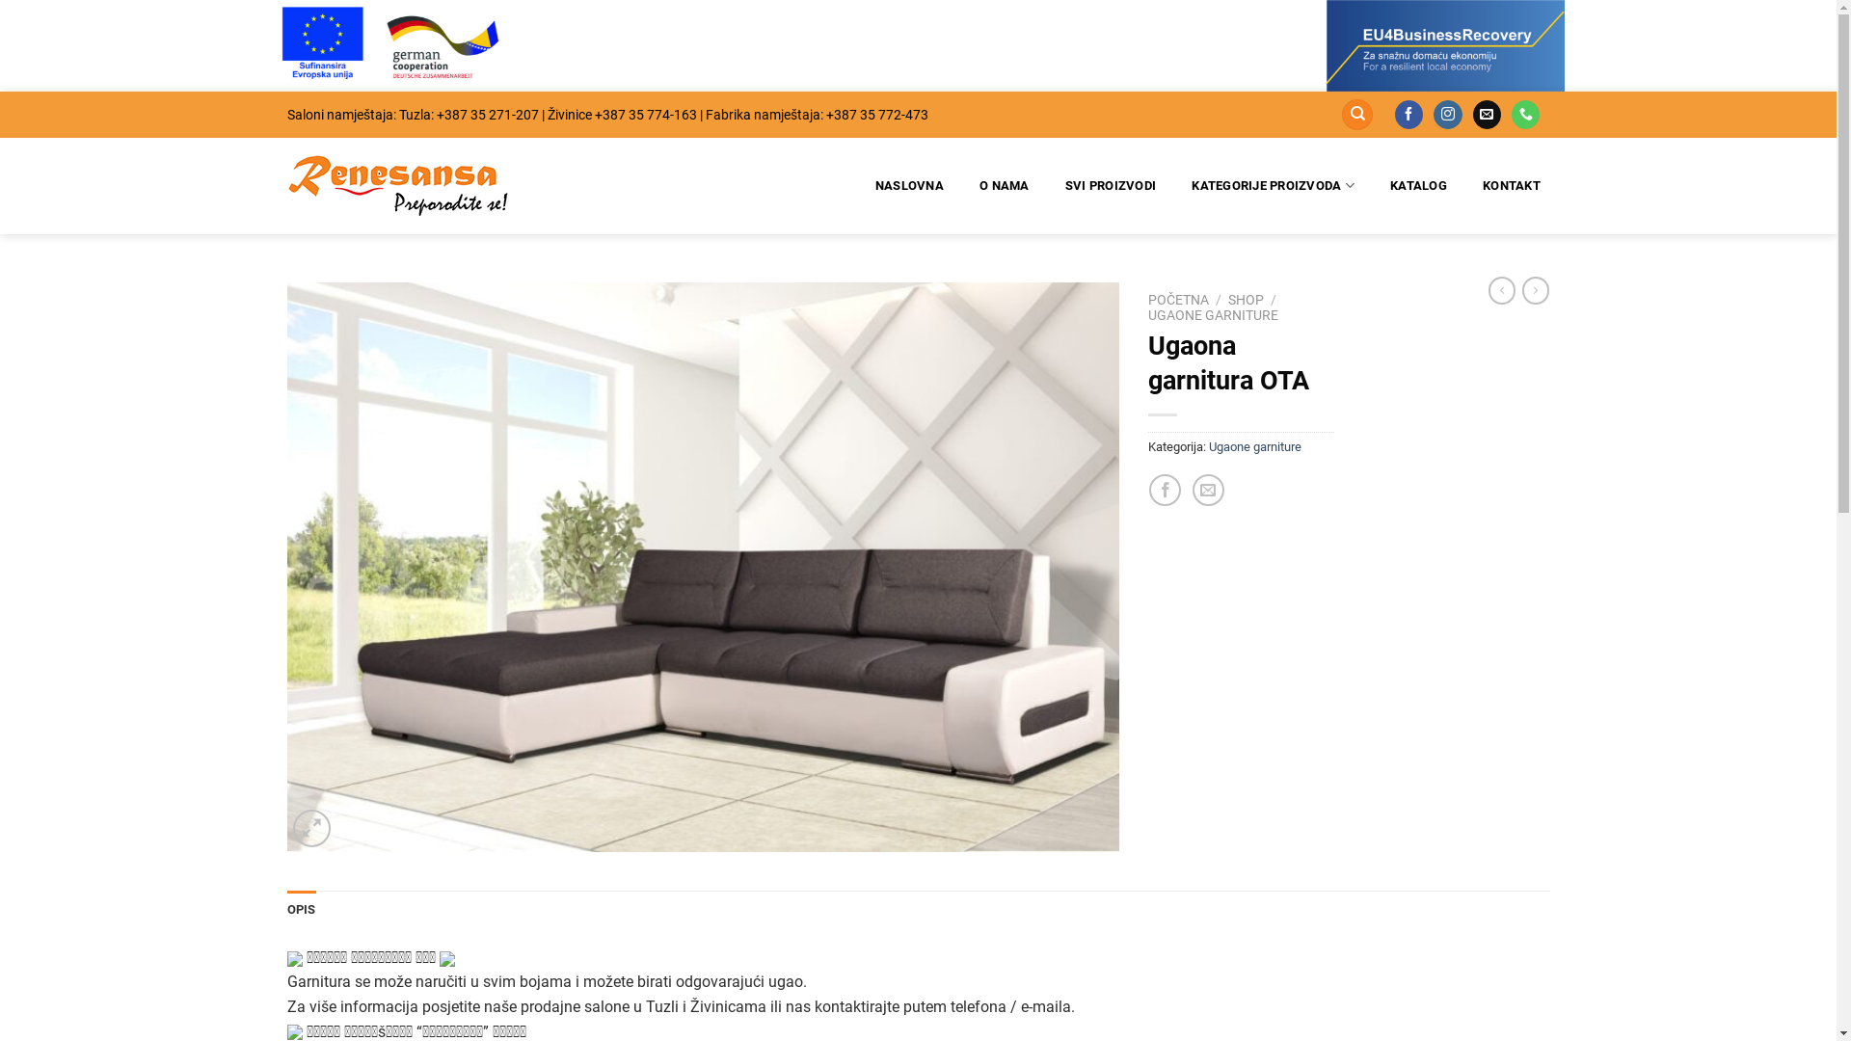 The height and width of the screenshot is (1041, 1851). Describe the element at coordinates (311, 827) in the screenshot. I see `'Zoom'` at that location.